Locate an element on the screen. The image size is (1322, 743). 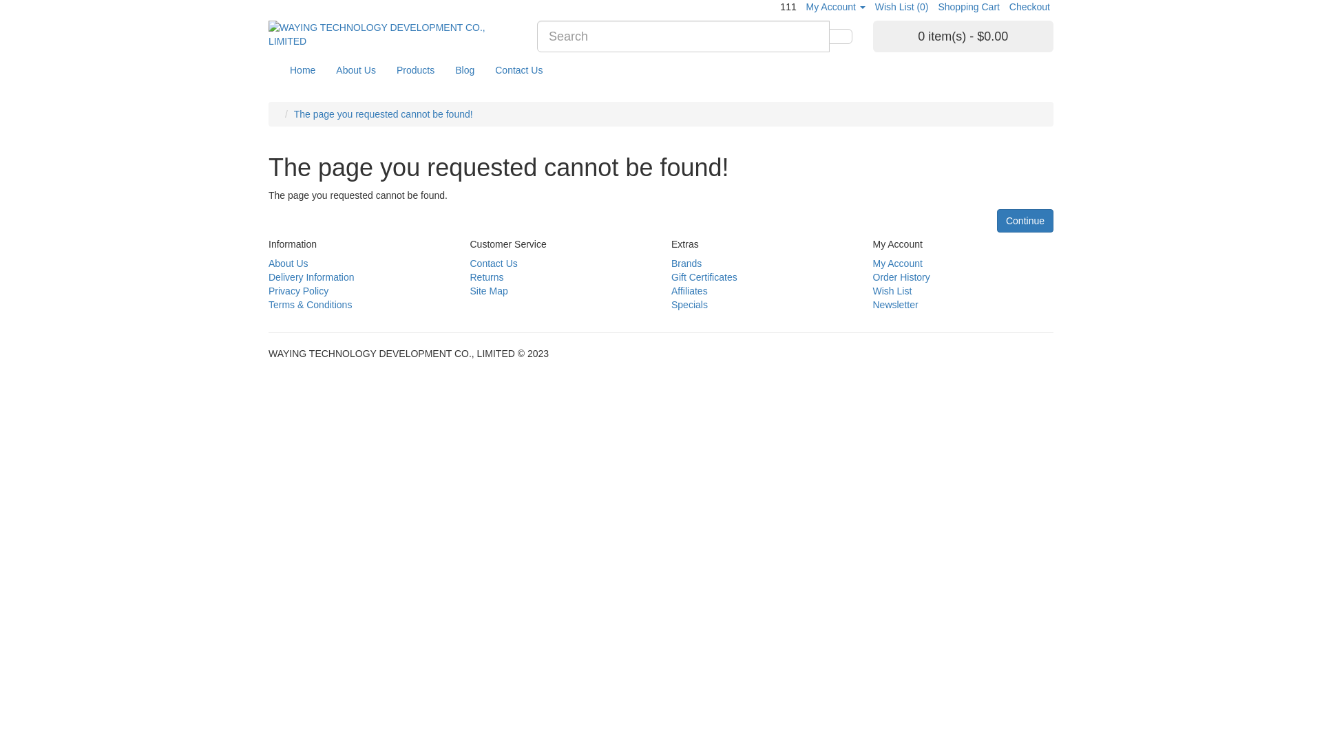
'About Us' is located at coordinates (325, 69).